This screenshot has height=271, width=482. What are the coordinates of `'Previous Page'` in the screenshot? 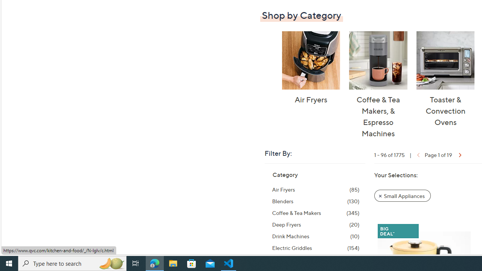 It's located at (417, 154).